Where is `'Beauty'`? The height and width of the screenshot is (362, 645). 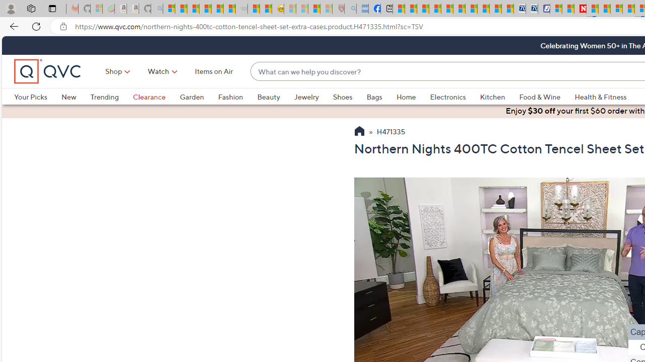 'Beauty' is located at coordinates (275, 97).